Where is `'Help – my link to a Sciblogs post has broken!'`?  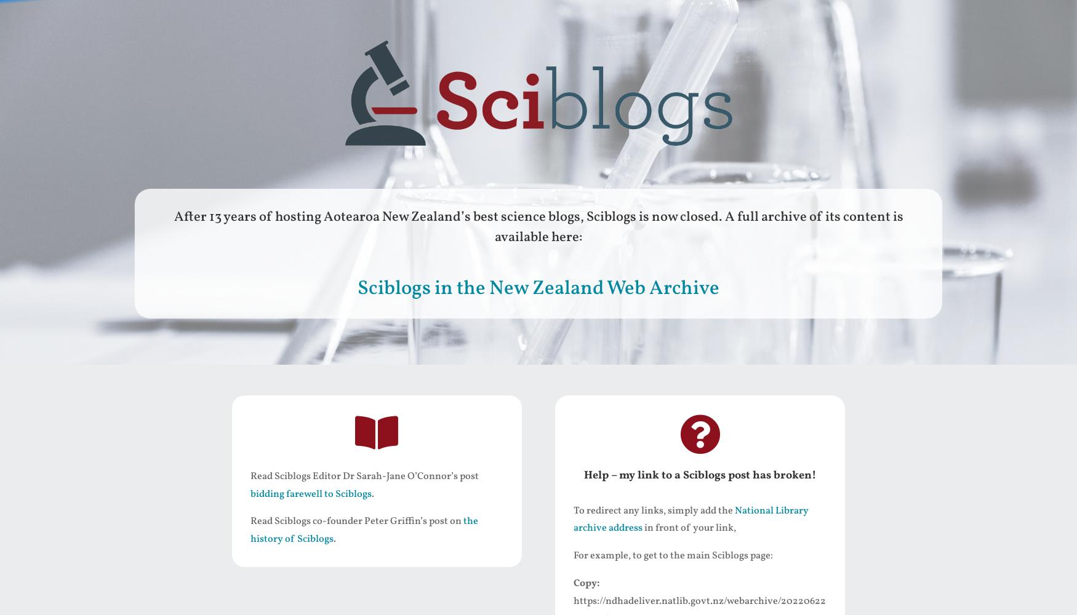 'Help – my link to a Sciblogs post has broken!' is located at coordinates (699, 475).